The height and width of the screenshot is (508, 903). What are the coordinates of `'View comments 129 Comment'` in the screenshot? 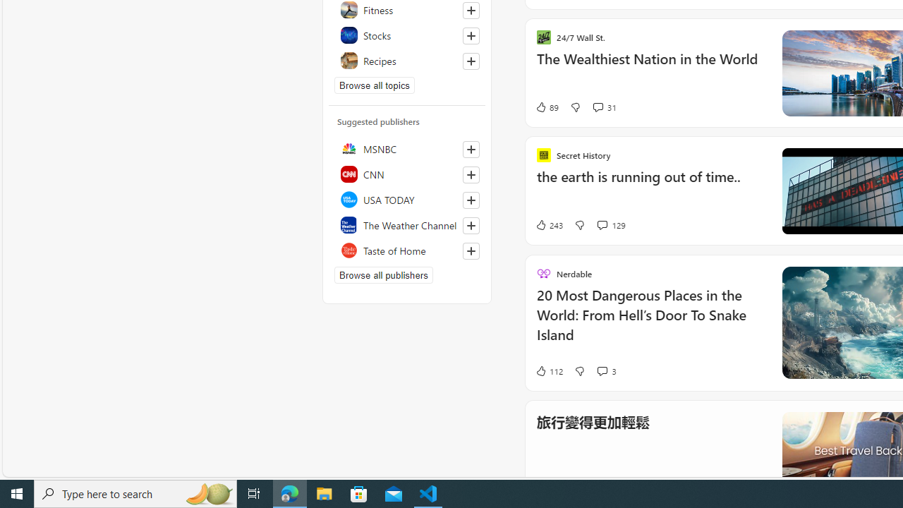 It's located at (602, 224).